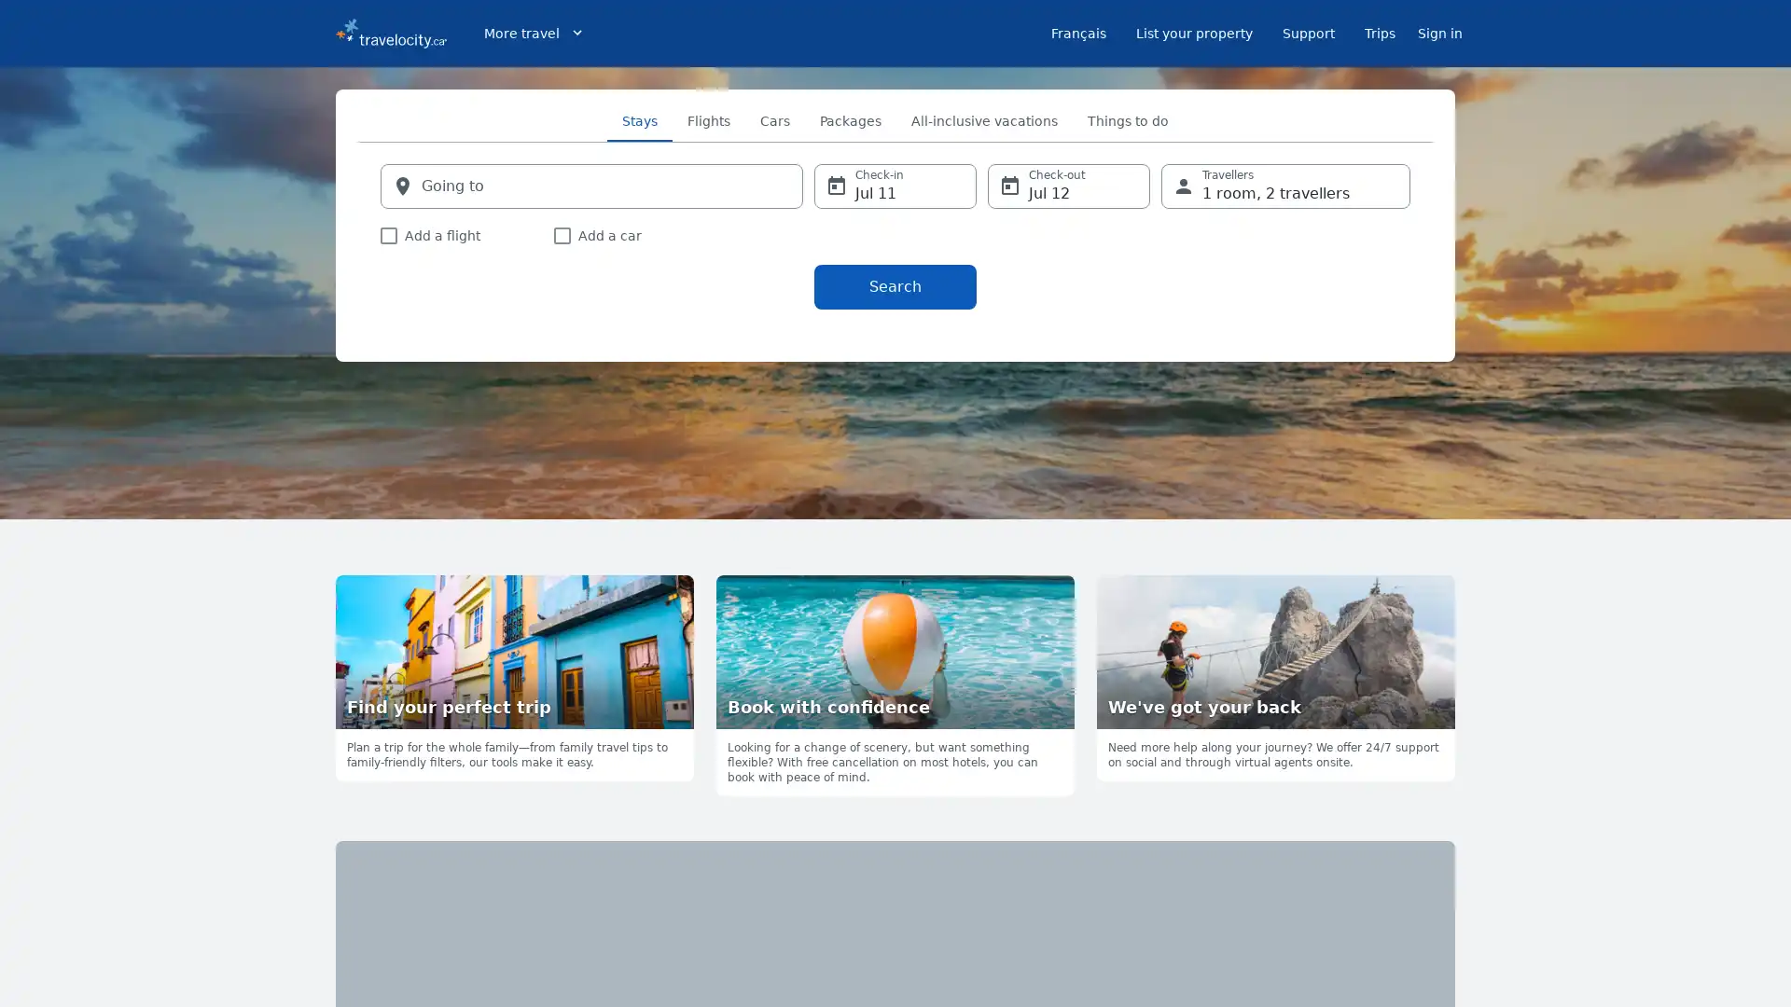 The width and height of the screenshot is (1791, 1007). Describe the element at coordinates (533, 33) in the screenshot. I see `More travel` at that location.